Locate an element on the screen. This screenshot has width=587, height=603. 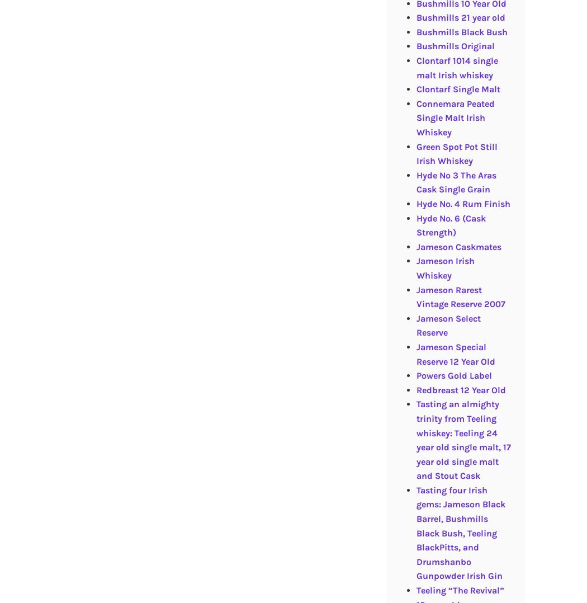
'Jameson Select Reserve' is located at coordinates (447, 325).